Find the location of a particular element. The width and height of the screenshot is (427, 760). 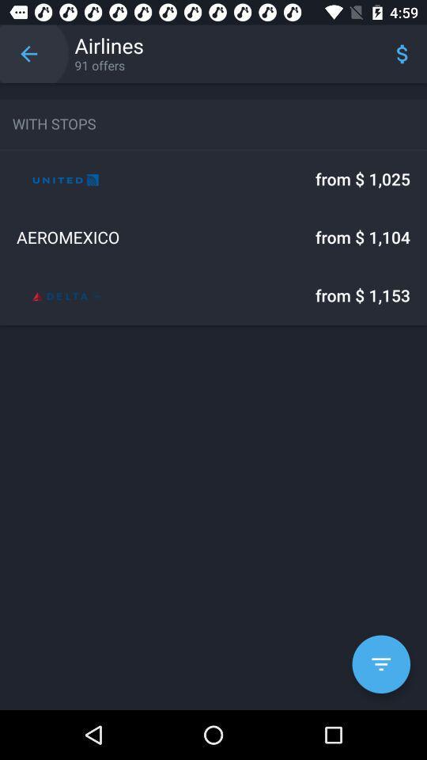

item above the with stops icon is located at coordinates (28, 54).